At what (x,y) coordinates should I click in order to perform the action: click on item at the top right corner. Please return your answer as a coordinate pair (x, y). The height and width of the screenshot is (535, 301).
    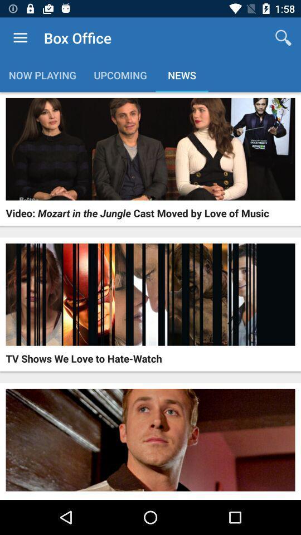
    Looking at the image, I should click on (283, 38).